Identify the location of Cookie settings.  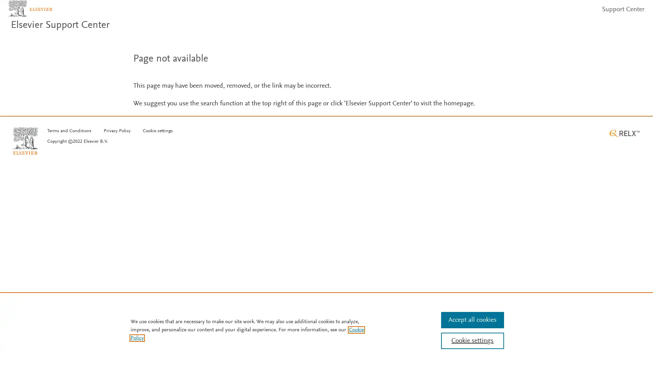
(157, 141).